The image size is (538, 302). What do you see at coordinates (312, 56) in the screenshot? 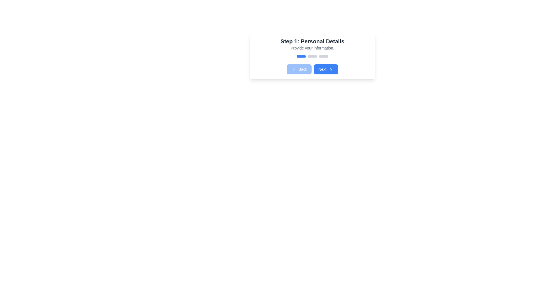
I see `the Progress Indicator element, which consists of three horizontal rectangles with the first being blue and the others gray, located below the text 'Provide your information.'` at bounding box center [312, 56].